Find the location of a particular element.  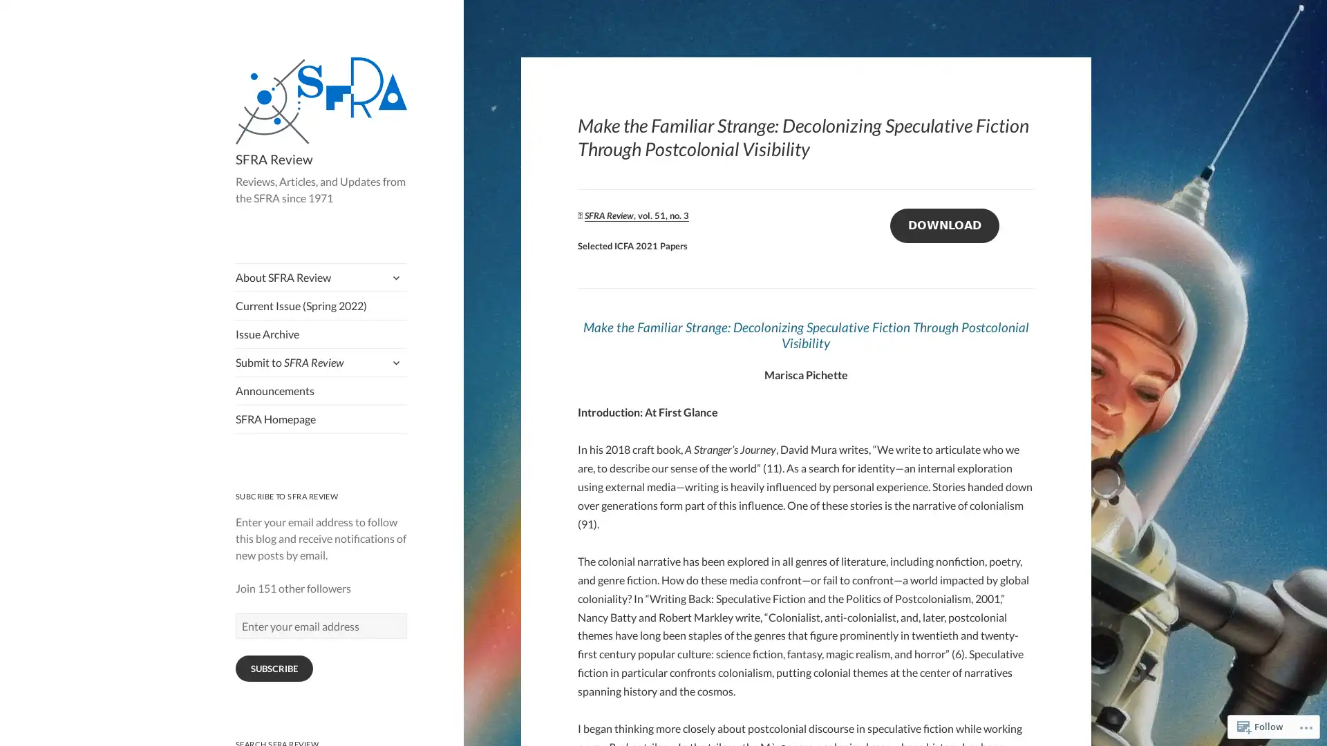

expand child menu is located at coordinates (394, 361).